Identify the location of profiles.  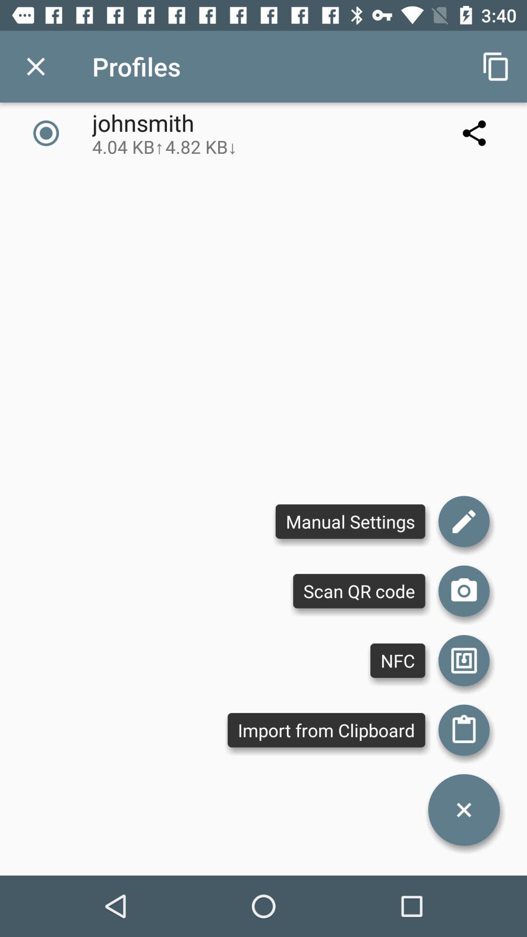
(35, 66).